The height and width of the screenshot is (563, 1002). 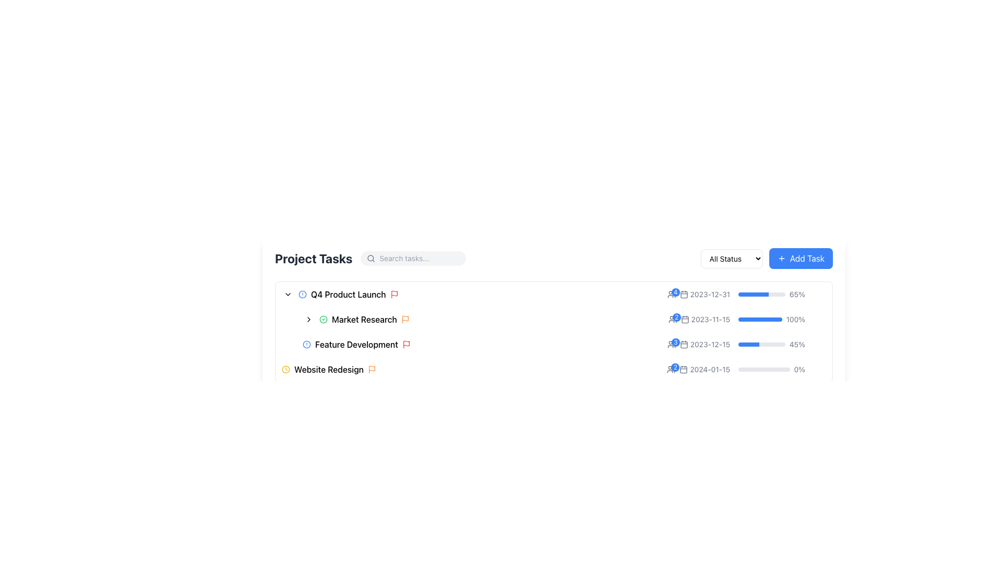 I want to click on the status completion icon, which is a green circle with a checkmark, located to the left of the 'Market Research' text, so click(x=323, y=319).